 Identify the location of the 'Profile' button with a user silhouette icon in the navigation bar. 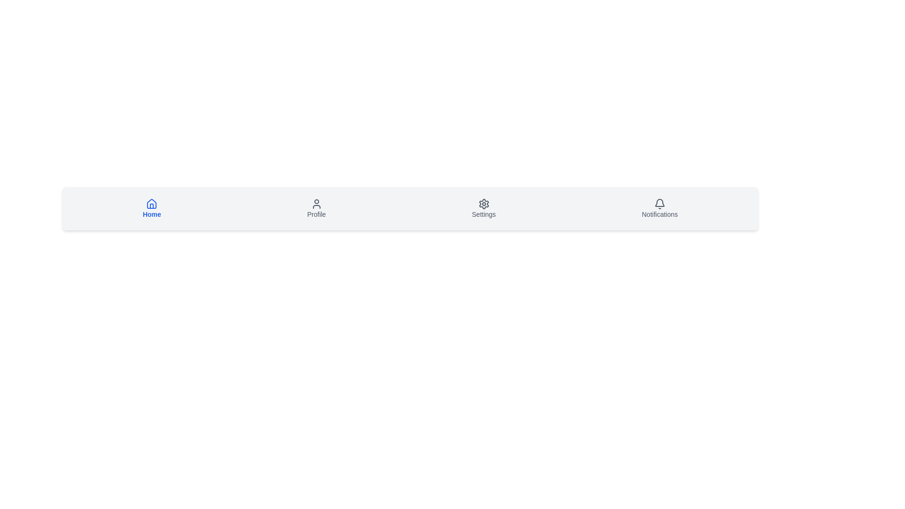
(316, 208).